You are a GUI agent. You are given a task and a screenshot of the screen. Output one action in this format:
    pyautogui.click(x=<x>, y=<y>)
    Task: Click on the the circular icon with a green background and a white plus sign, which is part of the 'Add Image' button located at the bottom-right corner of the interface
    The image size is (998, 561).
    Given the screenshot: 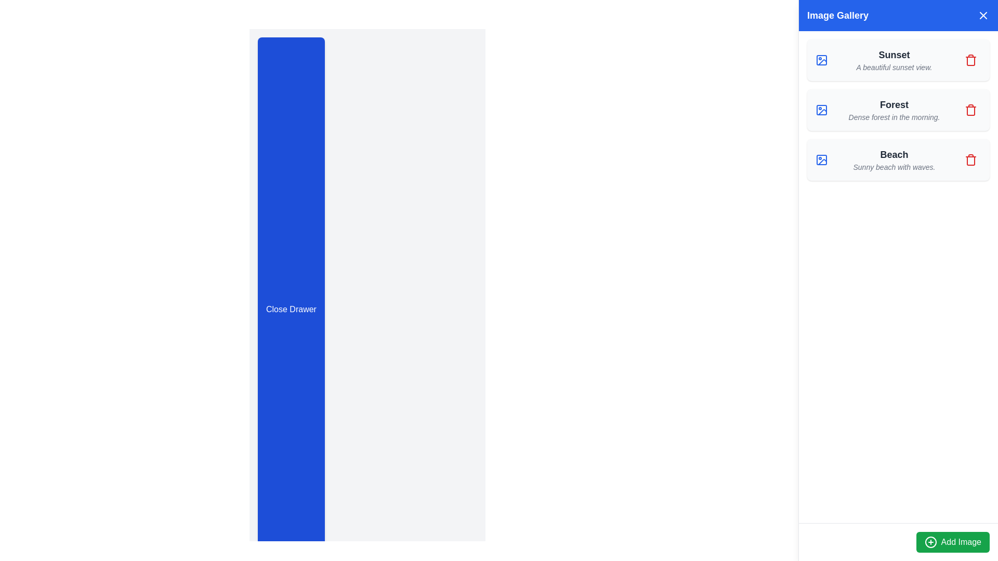 What is the action you would take?
    pyautogui.click(x=930, y=542)
    